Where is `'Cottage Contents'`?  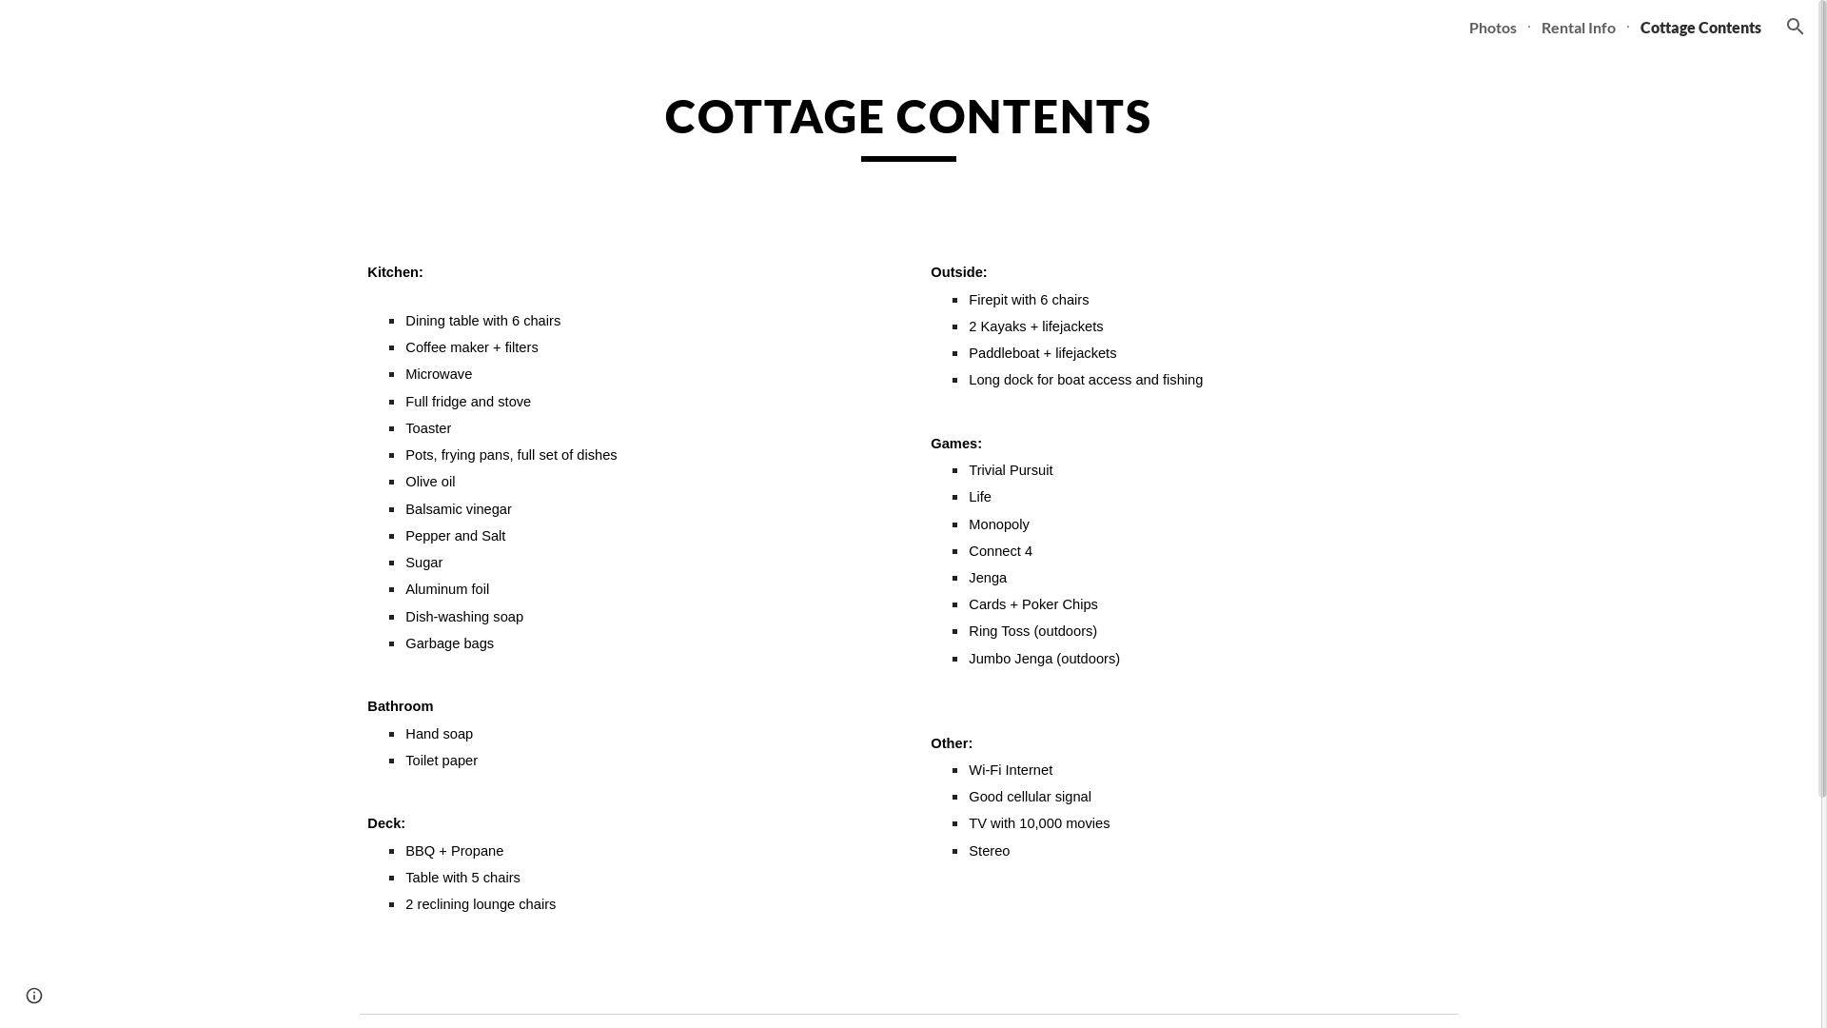 'Cottage Contents' is located at coordinates (1639, 26).